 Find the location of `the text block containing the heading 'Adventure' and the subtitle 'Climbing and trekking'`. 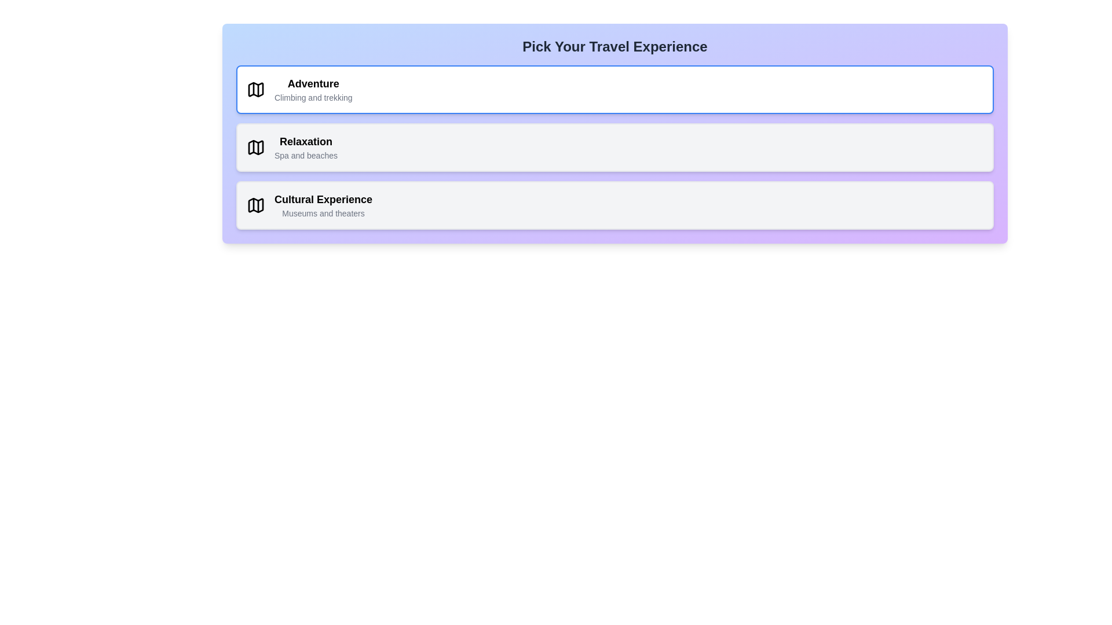

the text block containing the heading 'Adventure' and the subtitle 'Climbing and trekking' is located at coordinates (313, 89).